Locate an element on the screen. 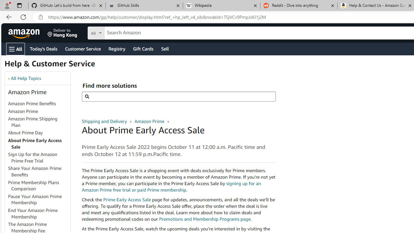 The image size is (414, 233). 'Pause Your Amazon Prime Membership' is located at coordinates (35, 199).